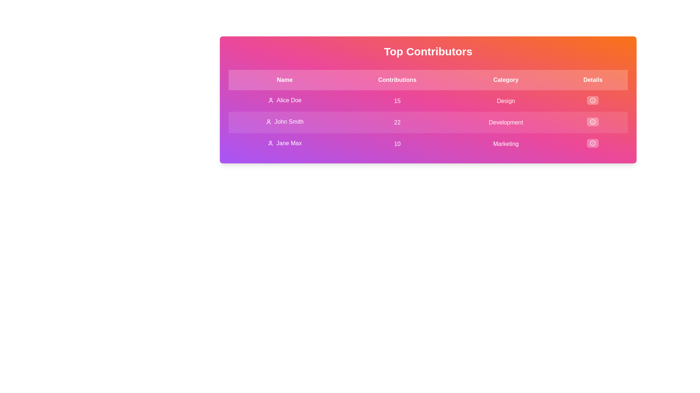 This screenshot has width=700, height=393. Describe the element at coordinates (284, 100) in the screenshot. I see `the Text with Icon element displaying the contributor's name in the first row of the table, located in the 'Name' column` at that location.